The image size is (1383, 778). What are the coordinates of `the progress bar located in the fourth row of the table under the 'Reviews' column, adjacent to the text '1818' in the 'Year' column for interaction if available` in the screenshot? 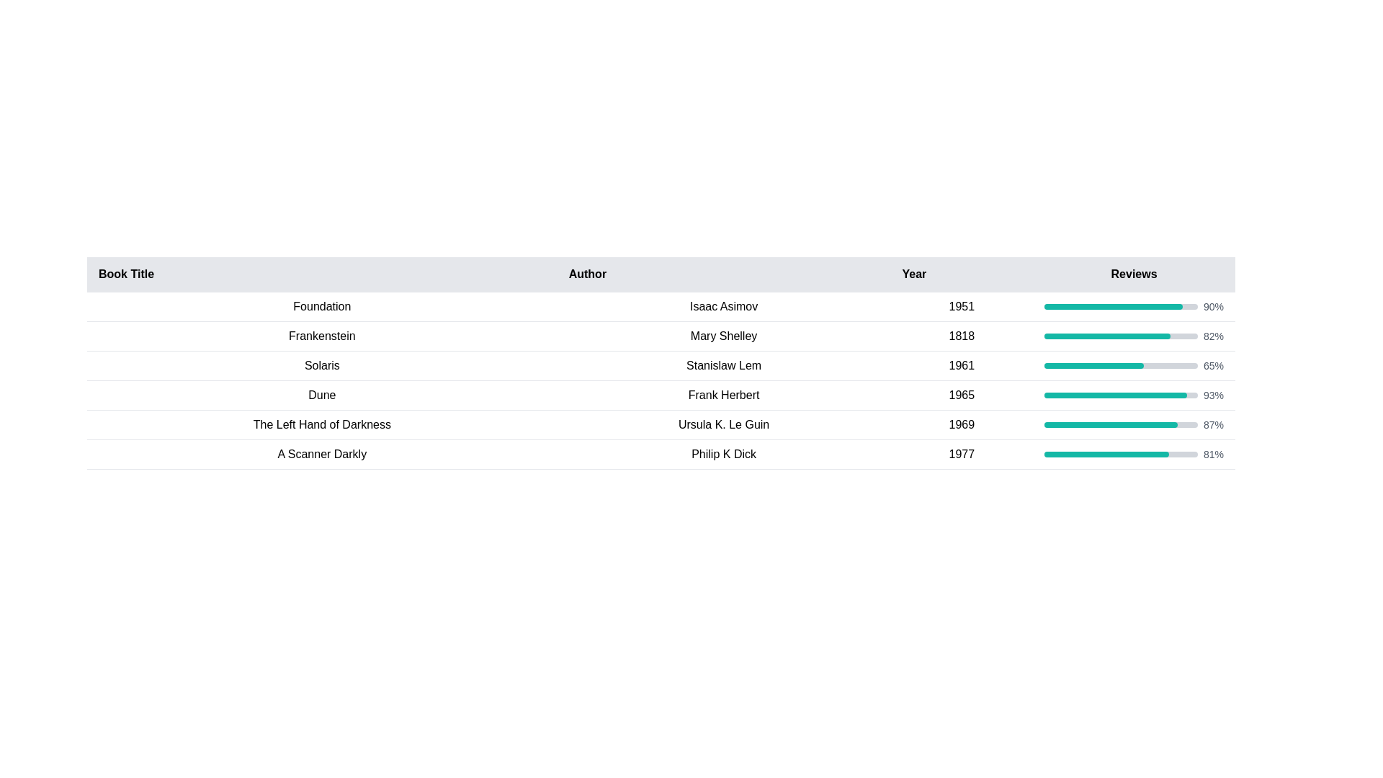 It's located at (1133, 336).